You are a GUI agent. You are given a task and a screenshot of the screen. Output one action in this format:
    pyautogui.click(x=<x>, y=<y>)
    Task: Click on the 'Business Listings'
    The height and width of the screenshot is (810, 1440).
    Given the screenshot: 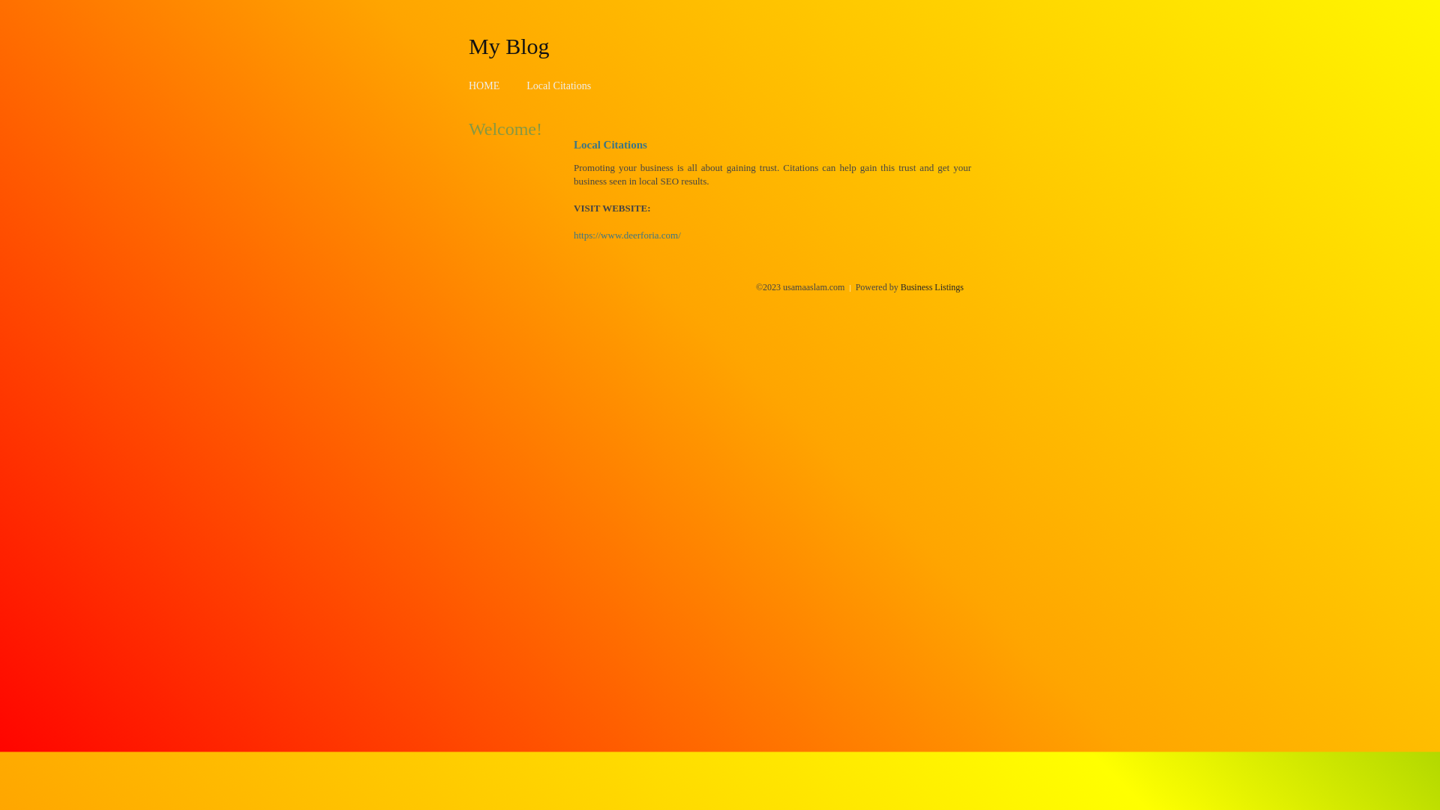 What is the action you would take?
    pyautogui.click(x=931, y=286)
    